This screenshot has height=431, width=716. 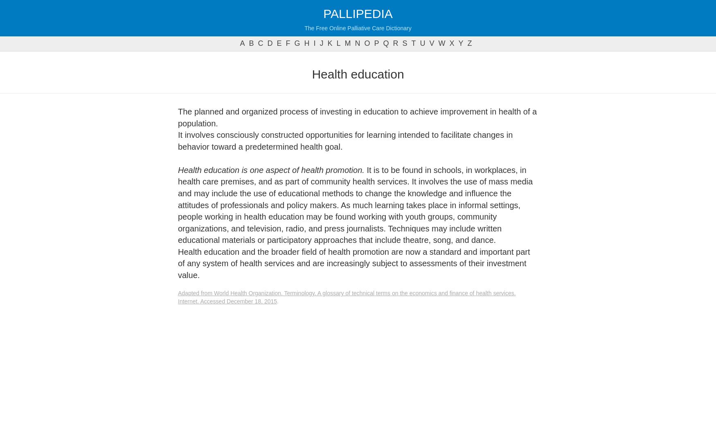 What do you see at coordinates (431, 43) in the screenshot?
I see `'v'` at bounding box center [431, 43].